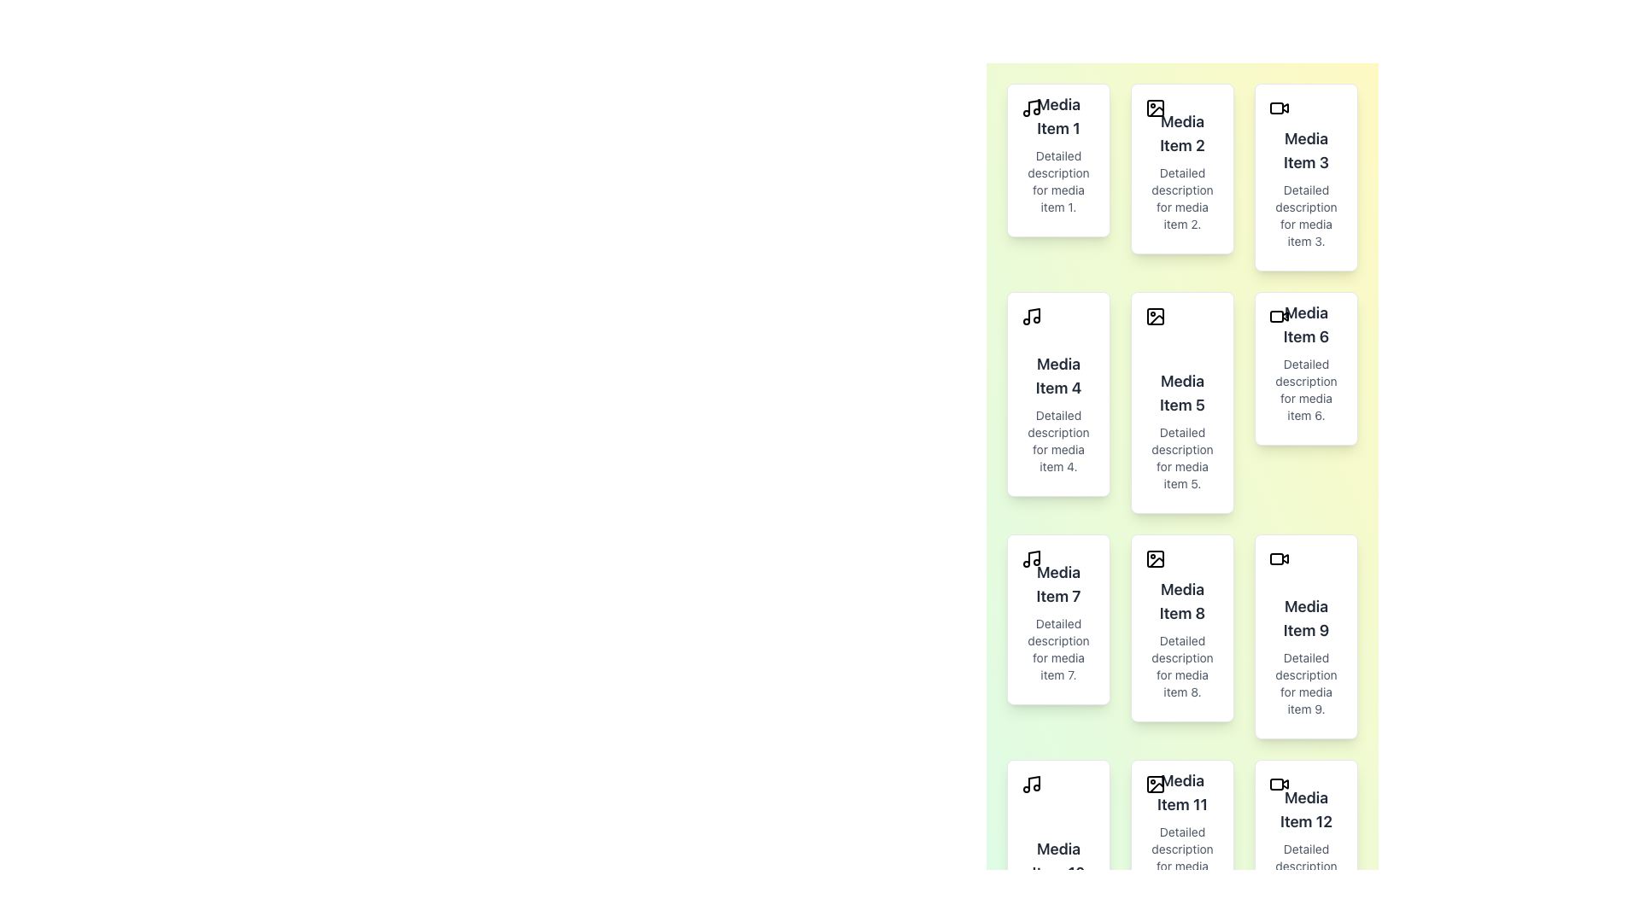  Describe the element at coordinates (1181, 168) in the screenshot. I see `the informational media card located in the second column, first row of the grid layout by clicking on it` at that location.